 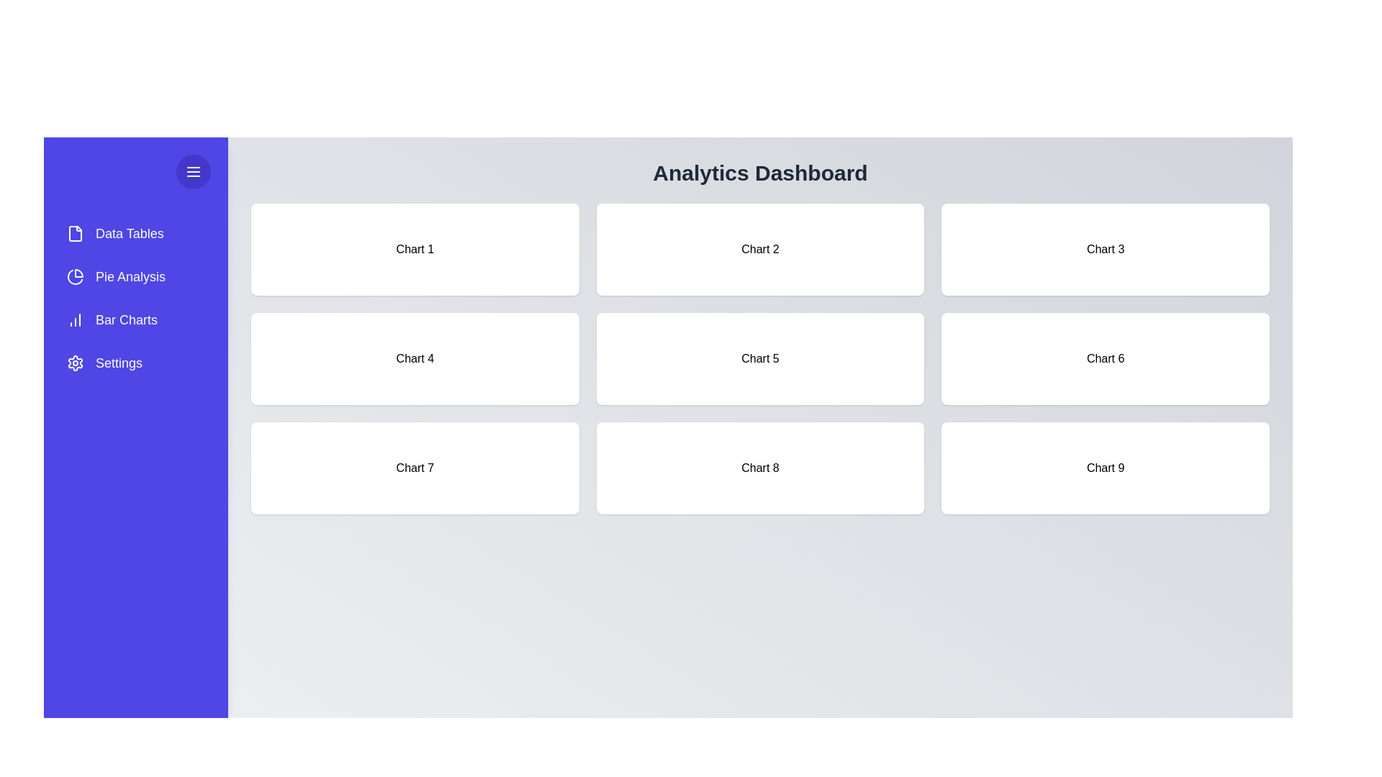 What do you see at coordinates (135, 363) in the screenshot?
I see `the menu item Settings from the drawer` at bounding box center [135, 363].